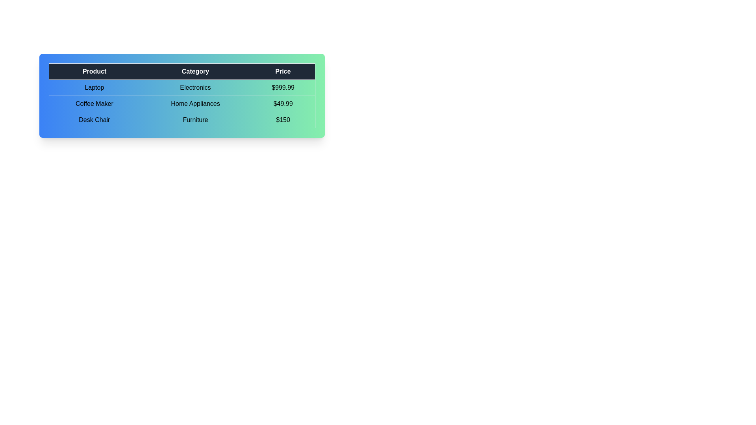  I want to click on the 'Product' Text Label element, which displays white text on a dark background in the top-left corner of the grid's header row, so click(94, 71).